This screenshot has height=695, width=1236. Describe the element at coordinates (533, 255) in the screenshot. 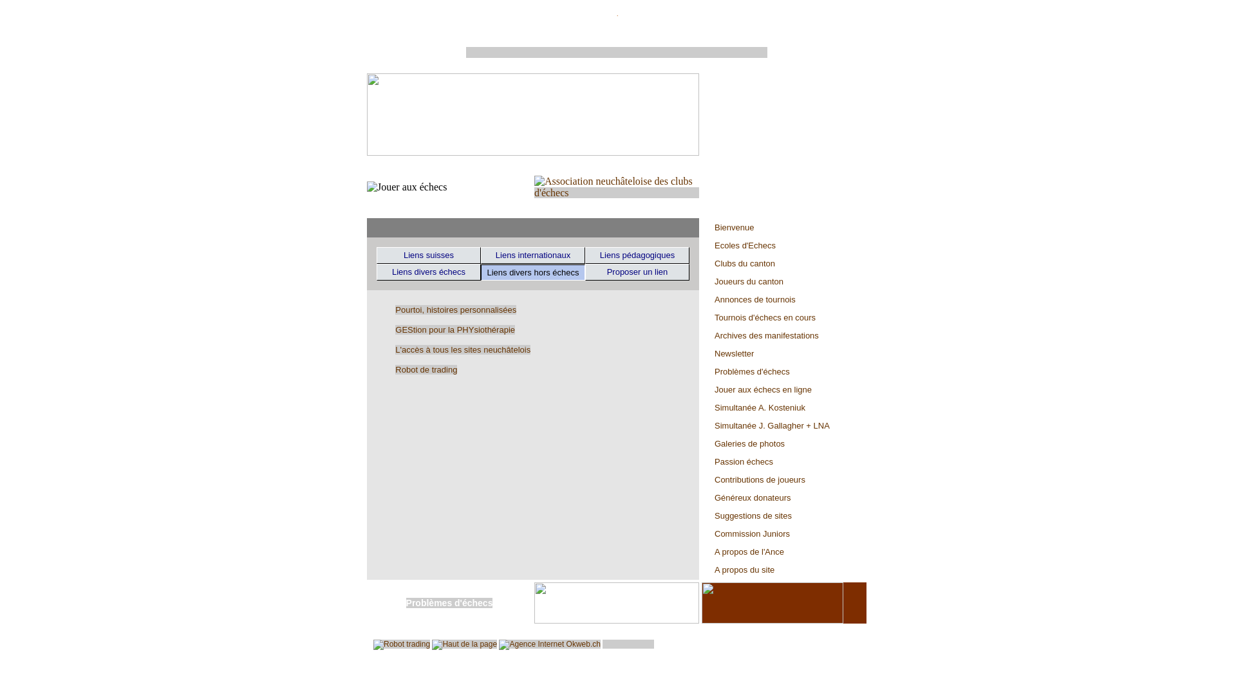

I see `'Liens internationaux'` at that location.